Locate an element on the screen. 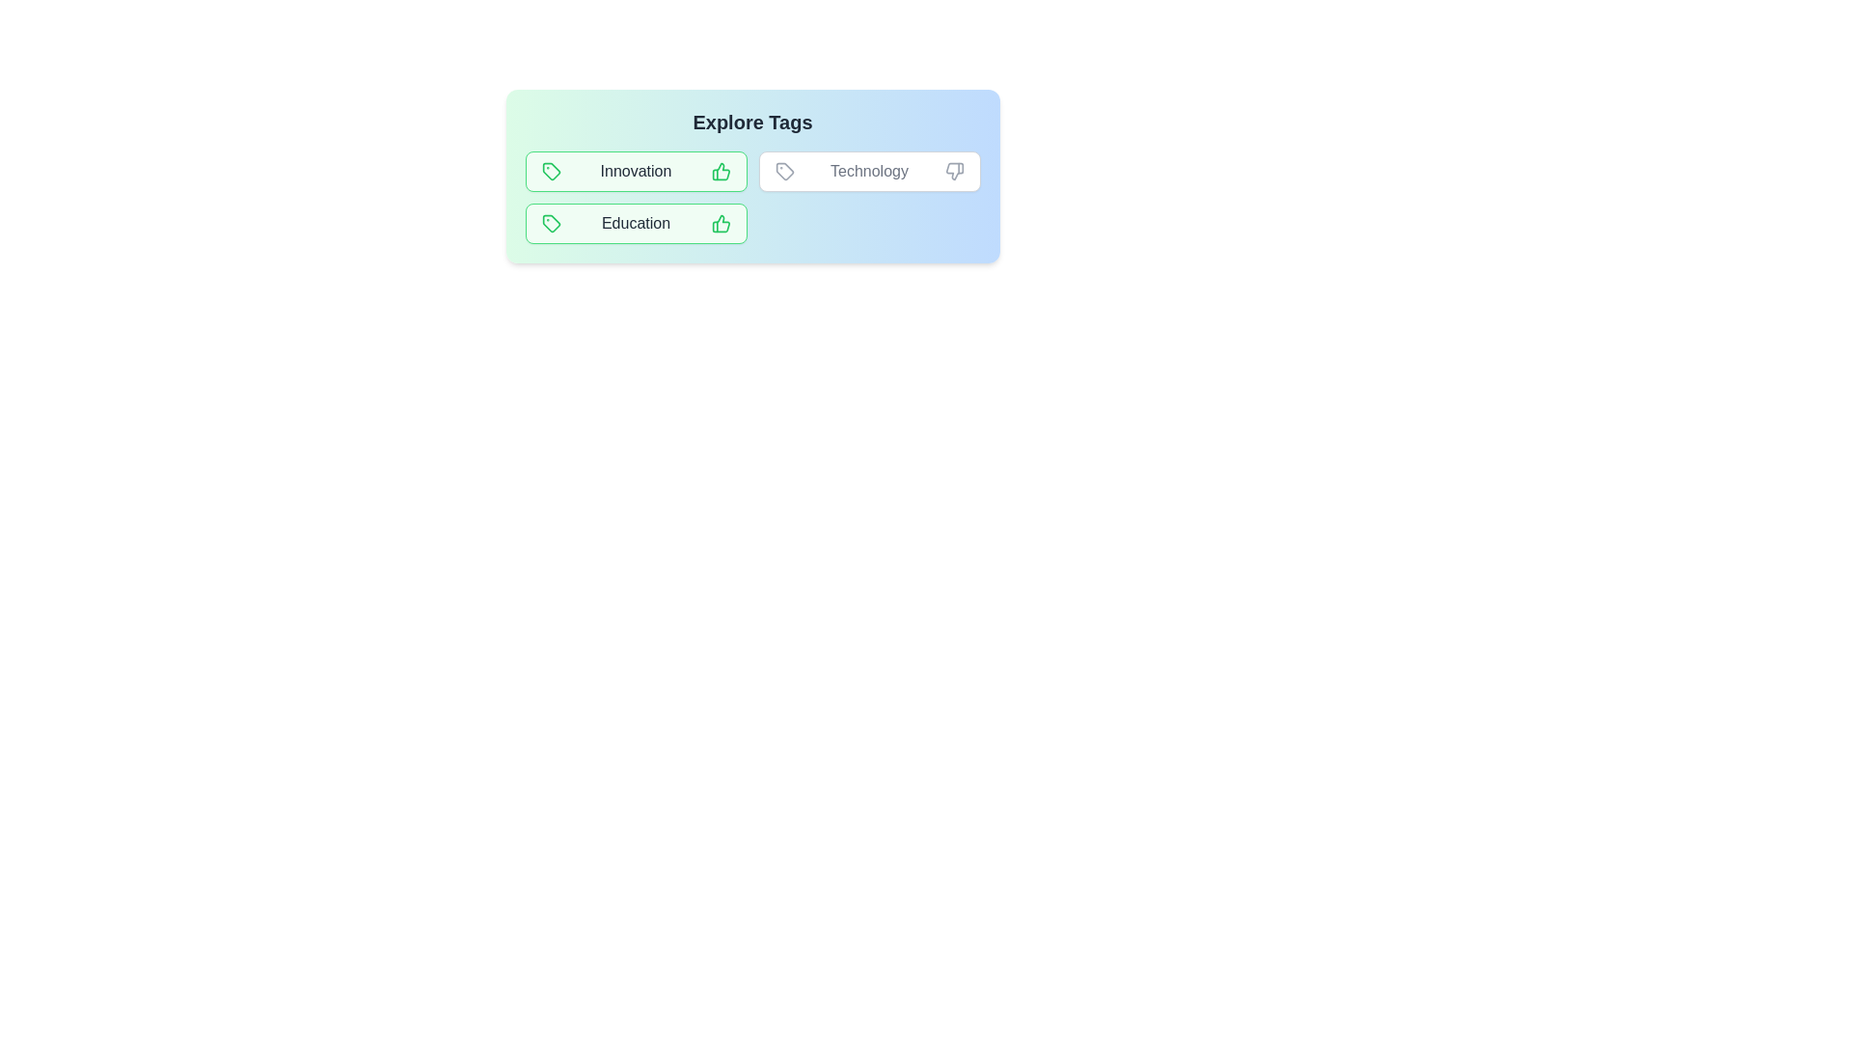 The height and width of the screenshot is (1042, 1852). the tag Innovation to observe its styling changes is located at coordinates (636, 170).